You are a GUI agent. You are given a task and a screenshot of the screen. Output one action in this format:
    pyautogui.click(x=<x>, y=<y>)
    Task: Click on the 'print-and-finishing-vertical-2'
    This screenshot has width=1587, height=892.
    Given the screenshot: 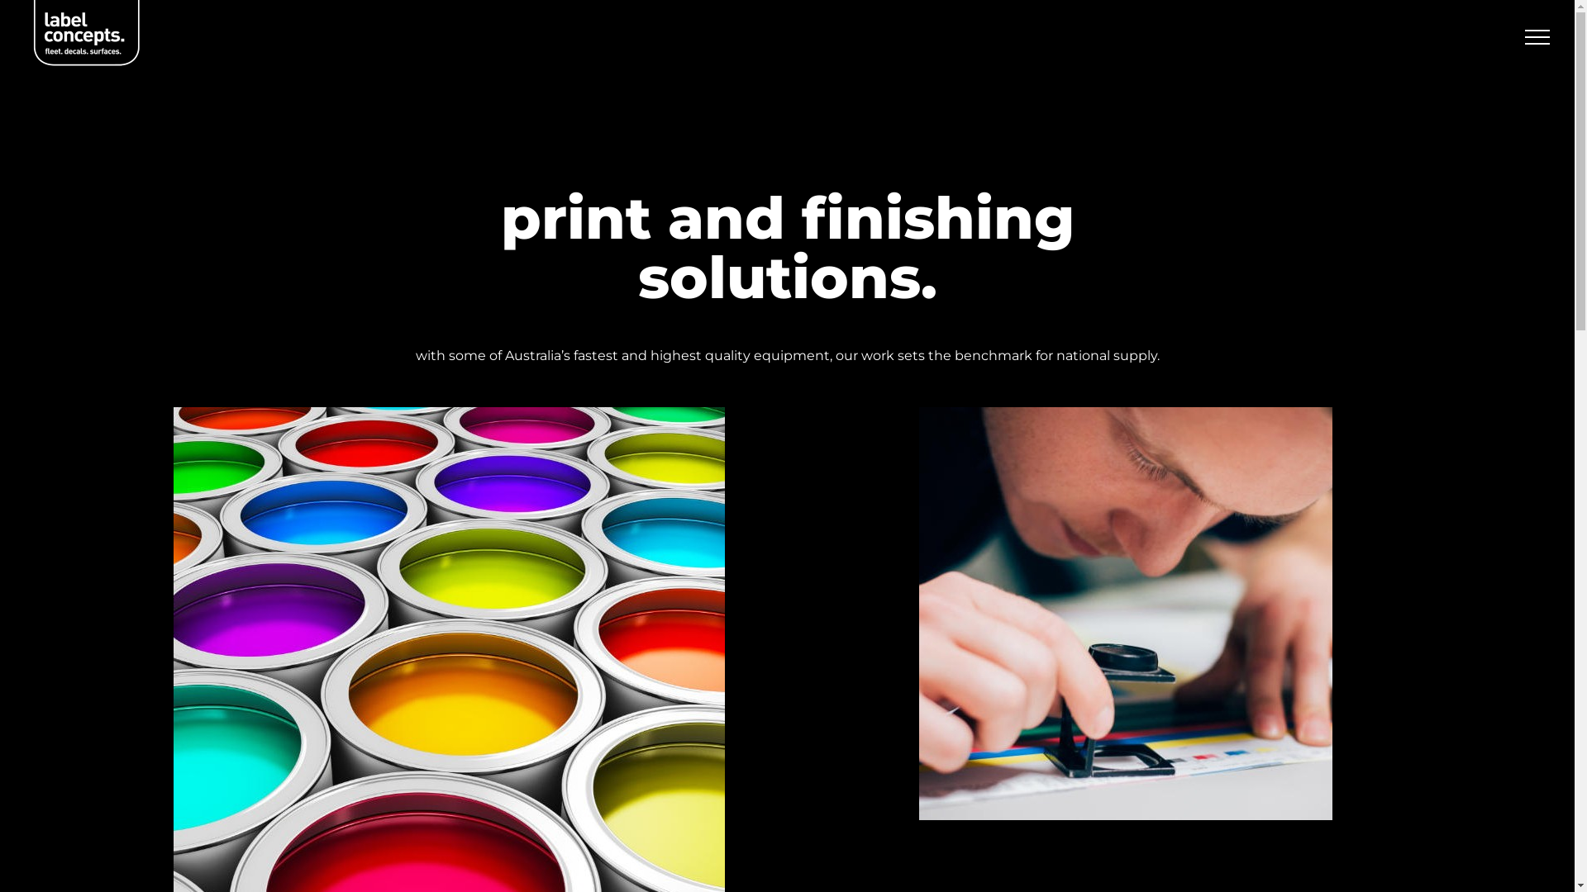 What is the action you would take?
    pyautogui.click(x=1125, y=614)
    